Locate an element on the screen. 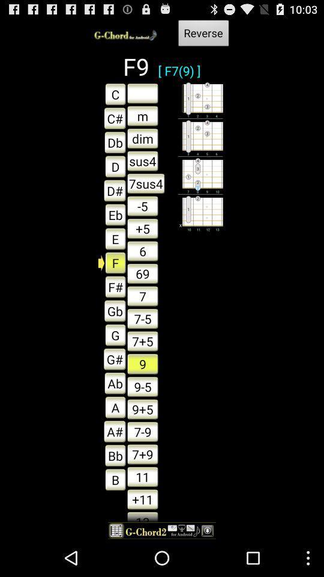 The image size is (324, 577). d is located at coordinates (112, 165).